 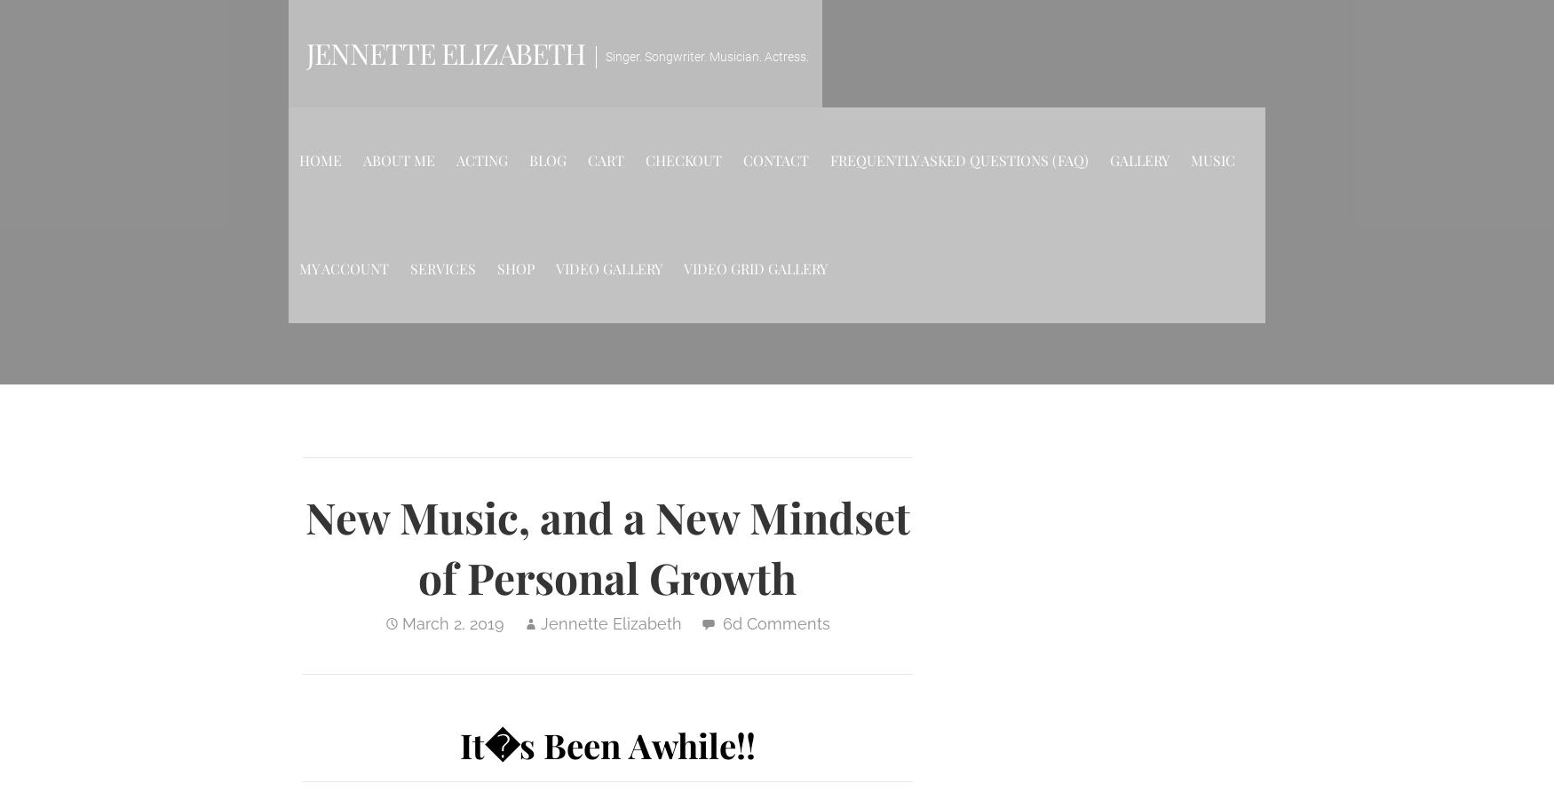 I want to click on 'Gallery', so click(x=1138, y=160).